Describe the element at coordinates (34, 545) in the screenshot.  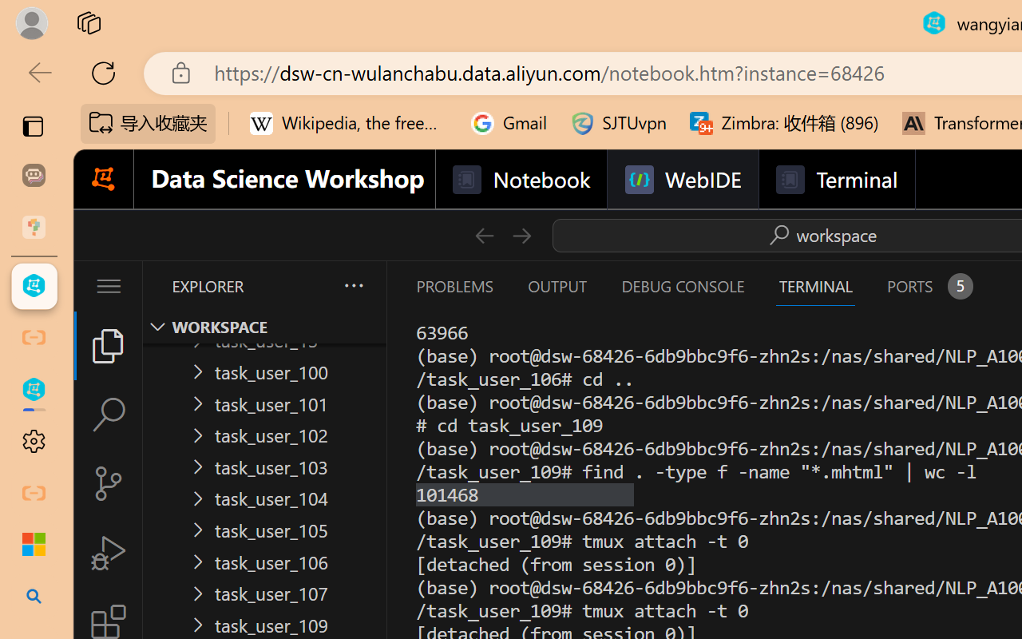
I see `'Microsoft security help and learning'` at that location.